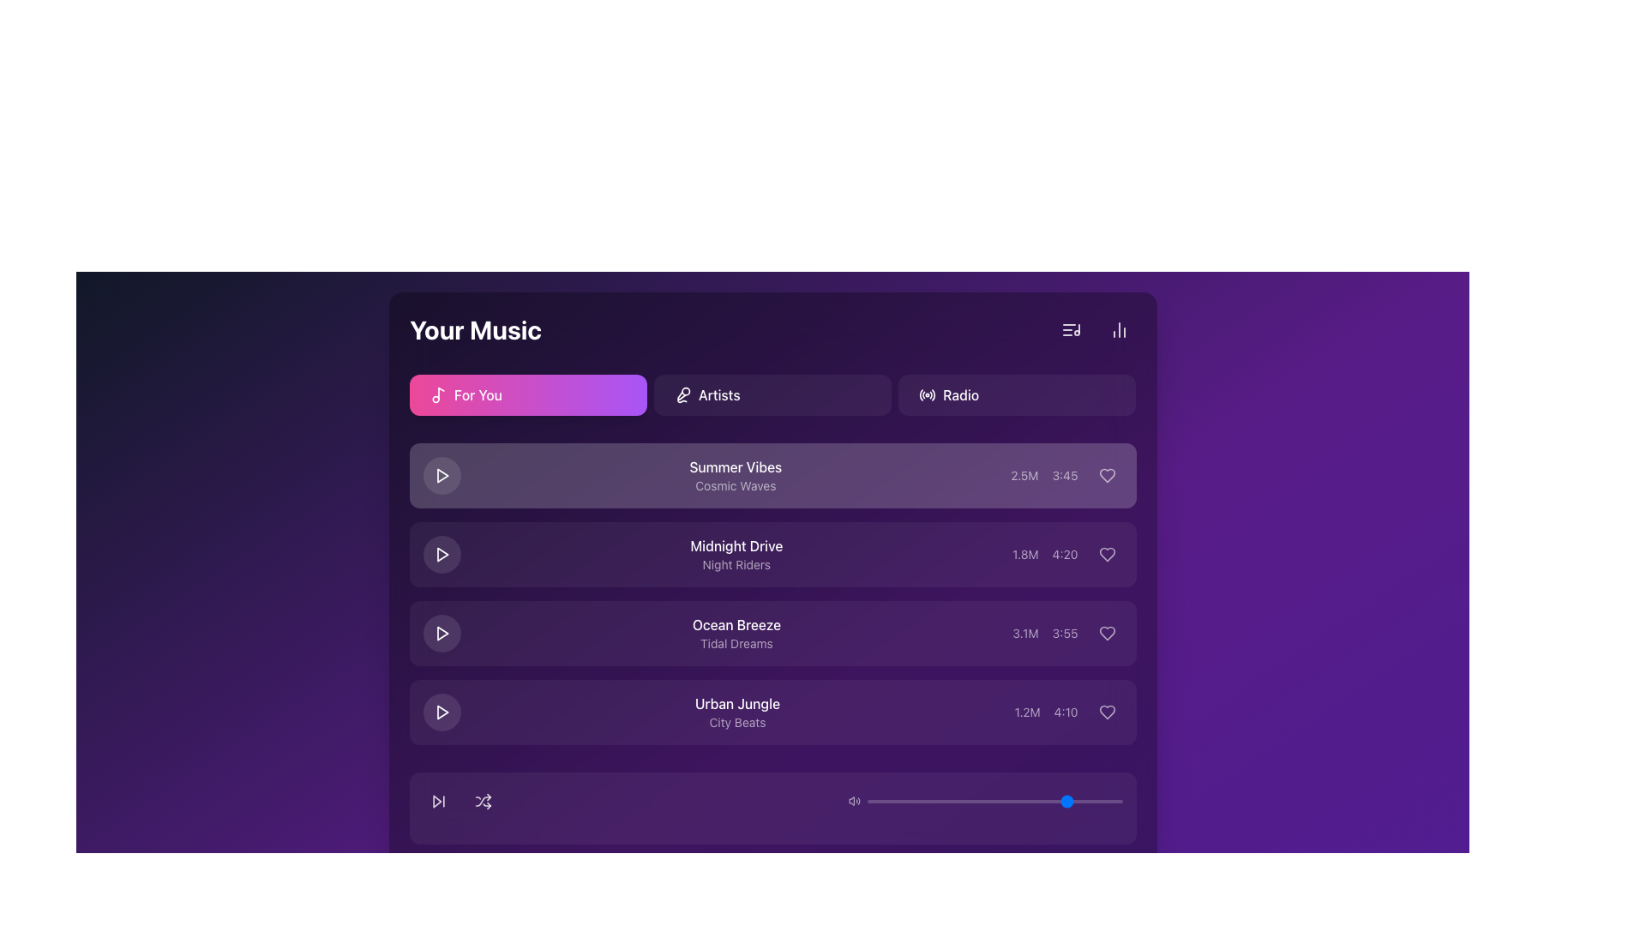 Image resolution: width=1646 pixels, height=926 pixels. Describe the element at coordinates (1107, 712) in the screenshot. I see `the heart icon button located in the last row under the 'Urban Jungle' track by 'City Beats', positioned in the far-right column of similar icons` at that location.